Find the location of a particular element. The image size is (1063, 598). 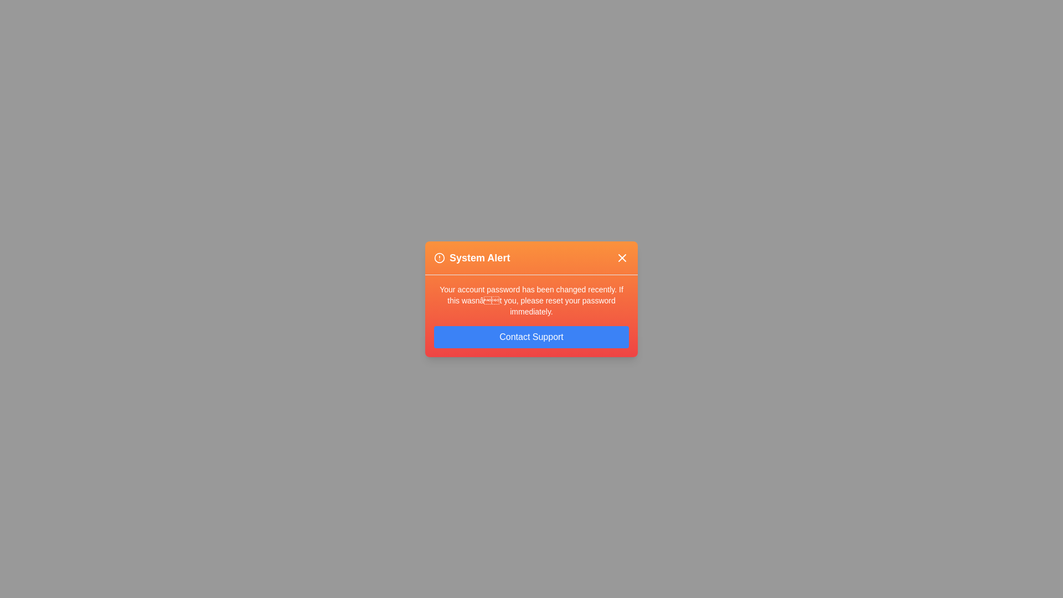

the 'Contact Support' button is located at coordinates (531, 336).